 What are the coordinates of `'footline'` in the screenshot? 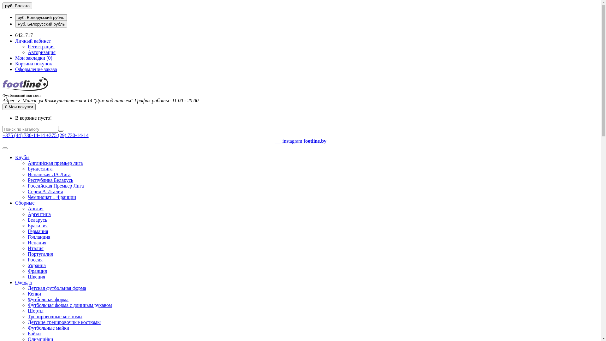 It's located at (25, 84).